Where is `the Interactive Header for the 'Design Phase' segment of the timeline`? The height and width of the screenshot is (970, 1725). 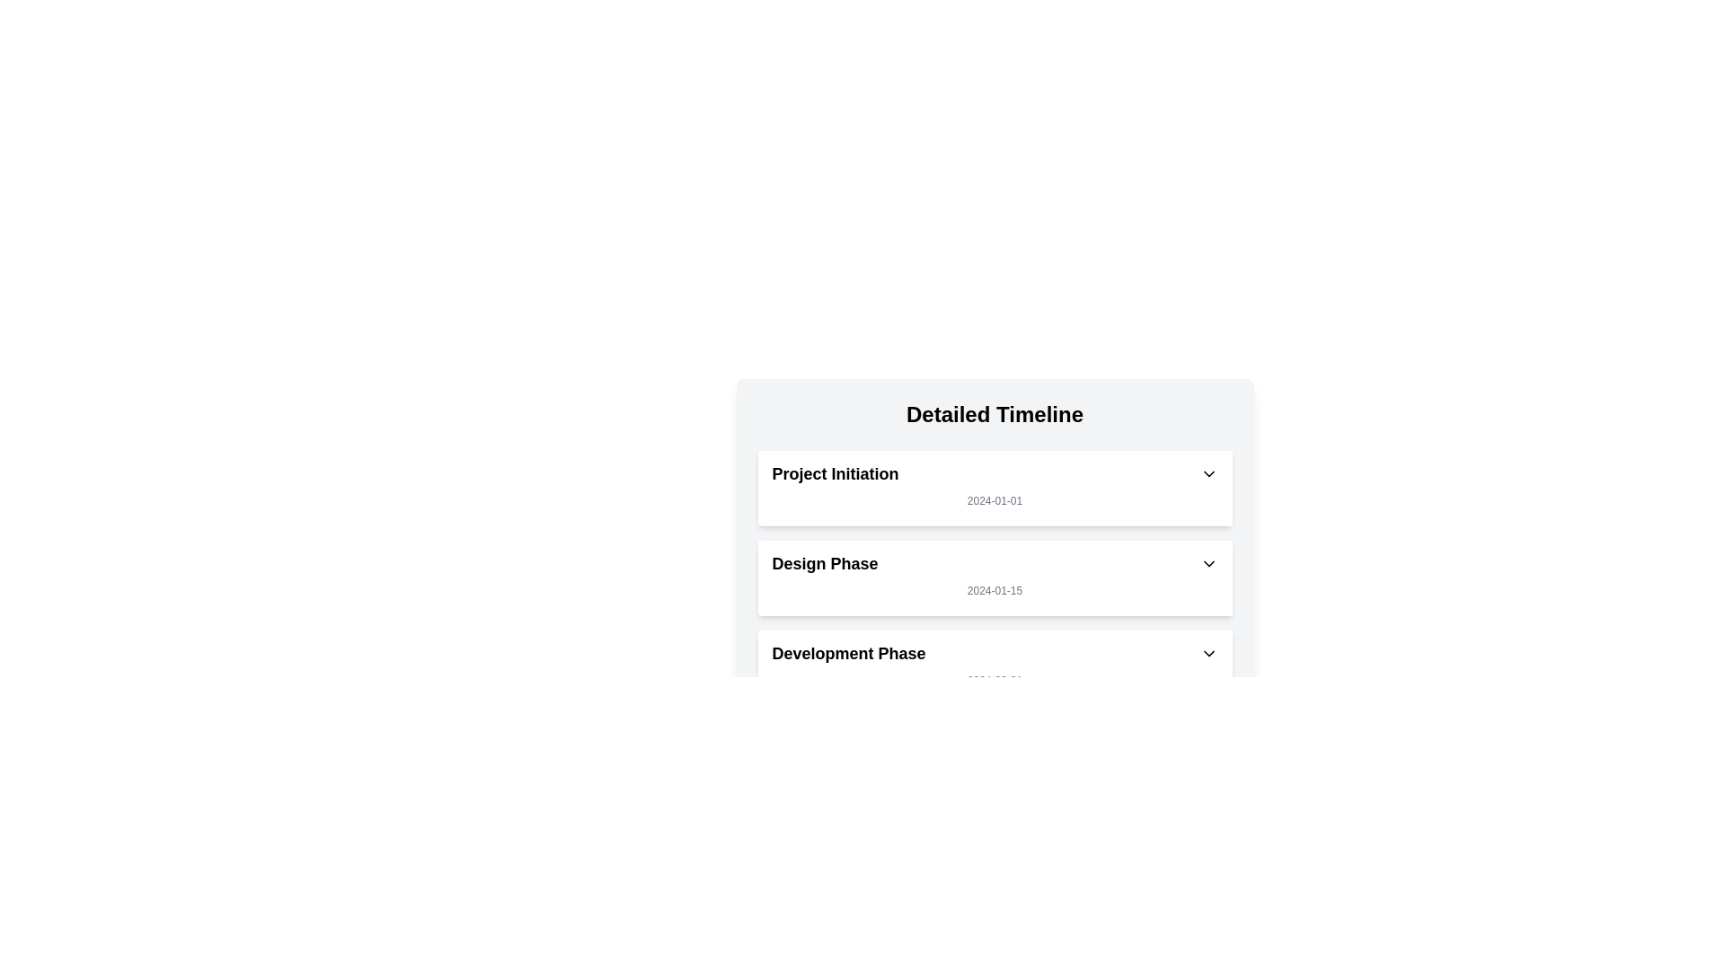
the Interactive Header for the 'Design Phase' segment of the timeline is located at coordinates (994, 563).